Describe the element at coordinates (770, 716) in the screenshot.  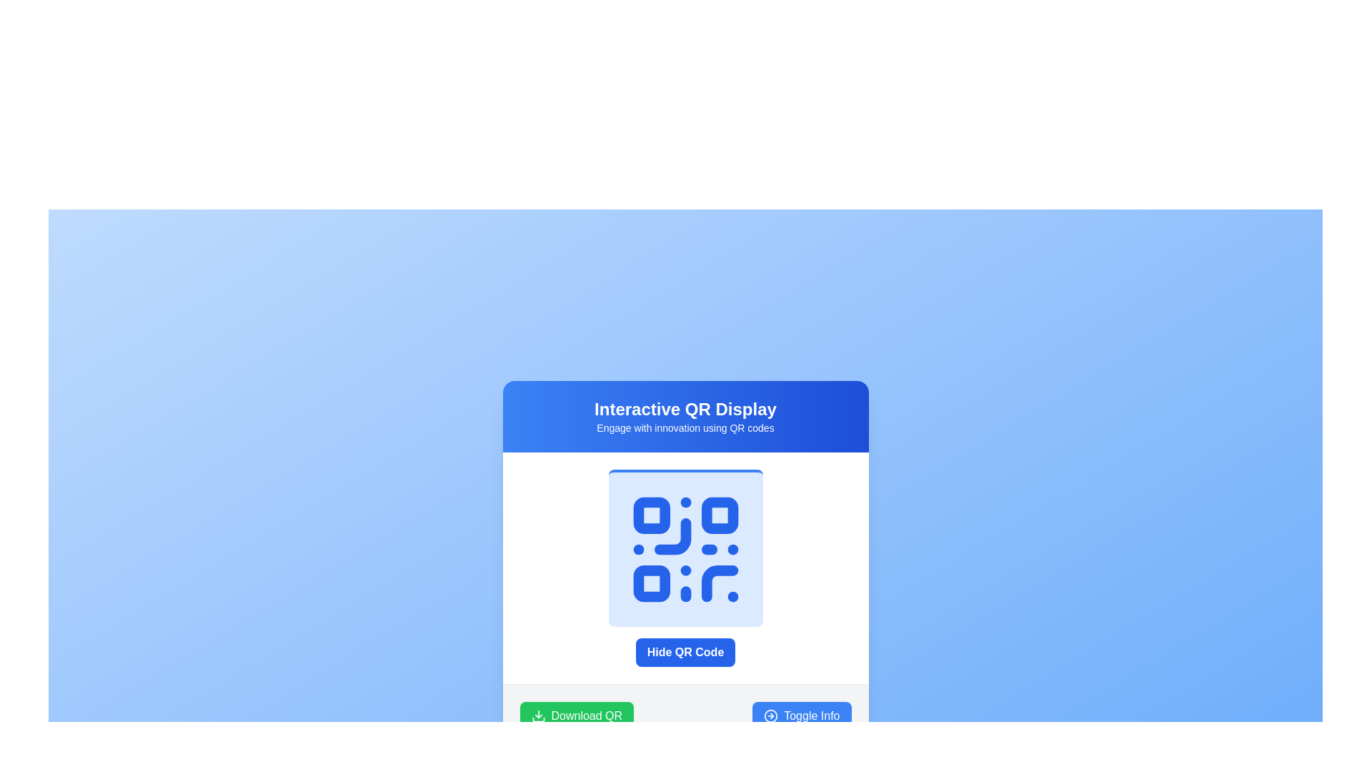
I see `the circular icon with a right-pointing arrow located to the left of the 'Toggle Info' text in the bottom-right section of the main interface block` at that location.